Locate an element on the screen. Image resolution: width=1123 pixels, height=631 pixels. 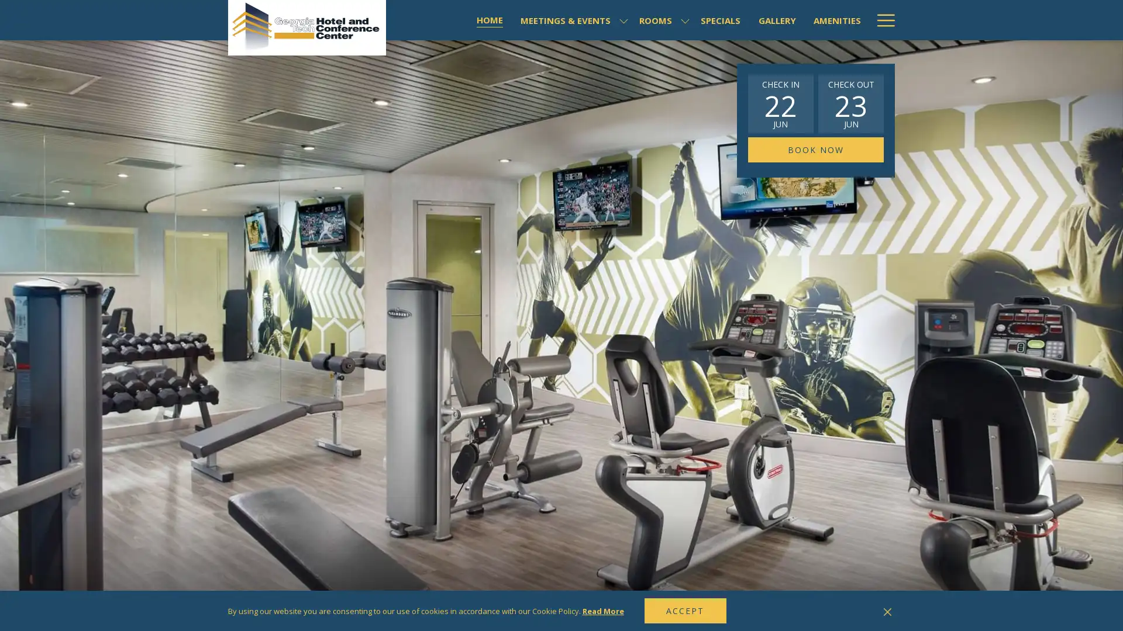
Go to previous slideshow element is located at coordinates (859, 612).